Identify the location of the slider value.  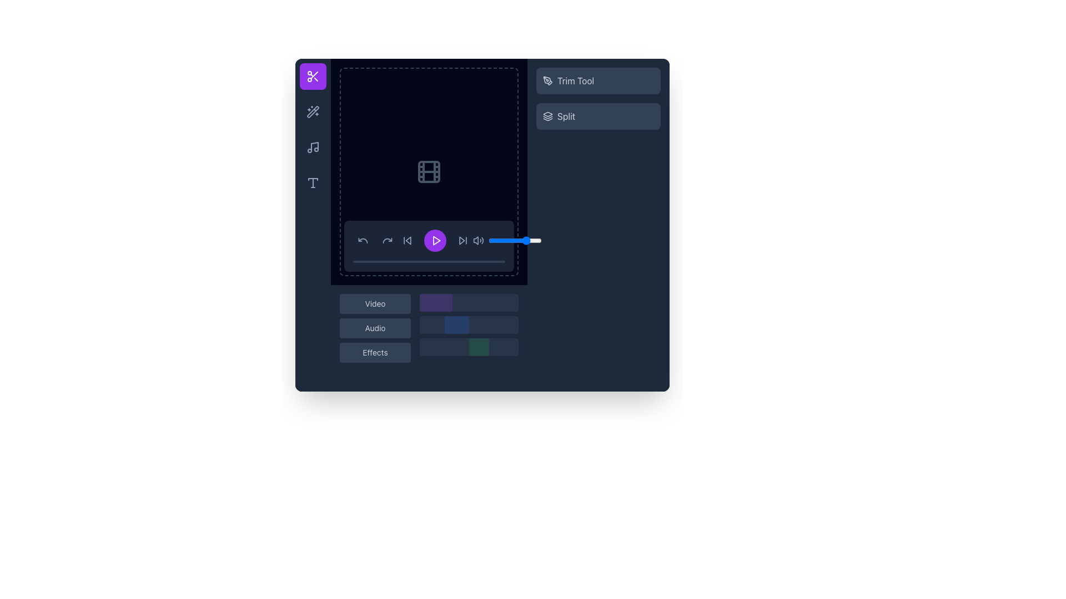
(537, 240).